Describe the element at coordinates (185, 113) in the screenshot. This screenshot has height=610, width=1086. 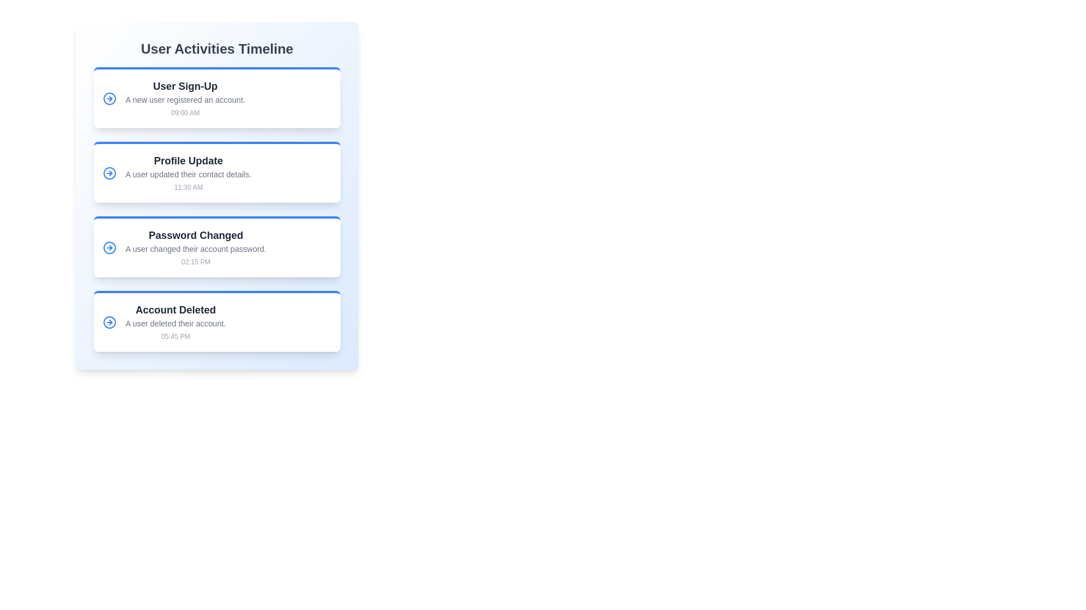
I see `timestamp displayed in the light gray font labeled '09:00 AM' located in the bottom-right corner of the 'User Sign-Up' section in the timeline view` at that location.